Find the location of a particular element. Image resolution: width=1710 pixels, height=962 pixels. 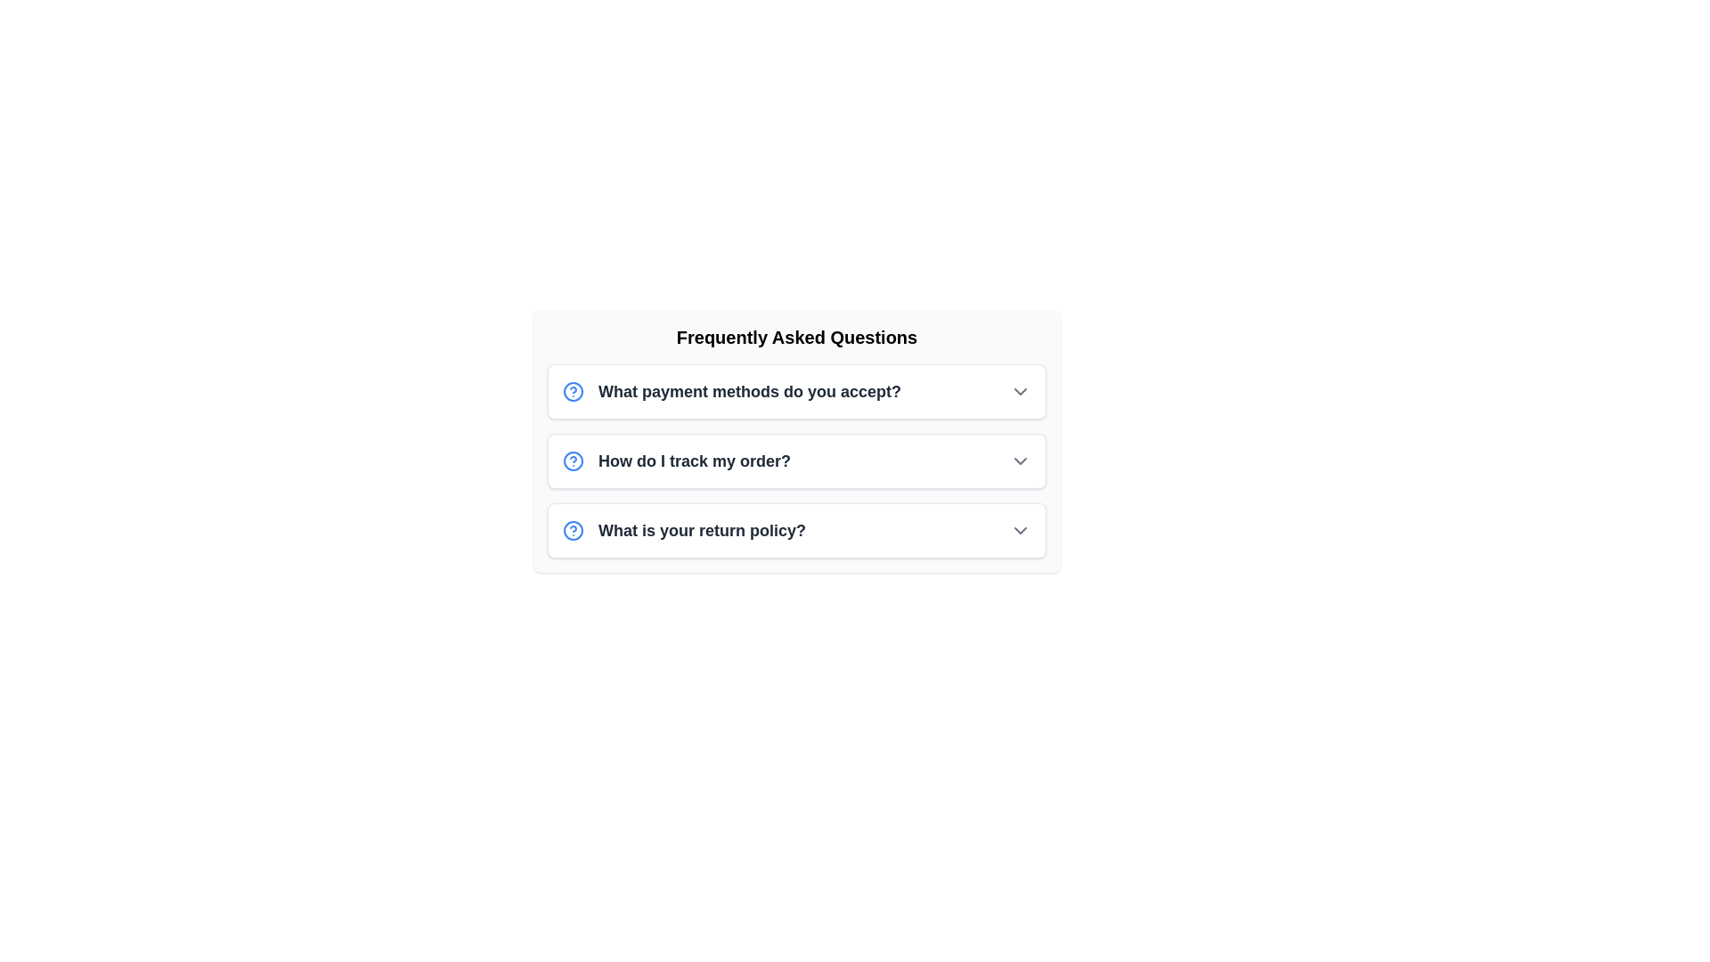

the Icon (Chevron Down) at the far right end of the row labeled 'What is your return policy?' for potential visual feedback is located at coordinates (1021, 530).